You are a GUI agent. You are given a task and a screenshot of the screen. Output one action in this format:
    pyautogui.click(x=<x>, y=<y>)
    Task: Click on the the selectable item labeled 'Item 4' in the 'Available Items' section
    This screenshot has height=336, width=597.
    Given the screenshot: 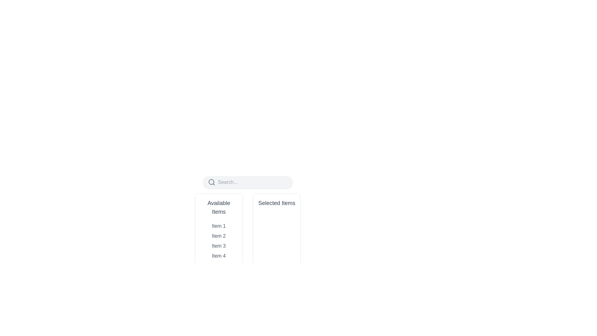 What is the action you would take?
    pyautogui.click(x=219, y=256)
    